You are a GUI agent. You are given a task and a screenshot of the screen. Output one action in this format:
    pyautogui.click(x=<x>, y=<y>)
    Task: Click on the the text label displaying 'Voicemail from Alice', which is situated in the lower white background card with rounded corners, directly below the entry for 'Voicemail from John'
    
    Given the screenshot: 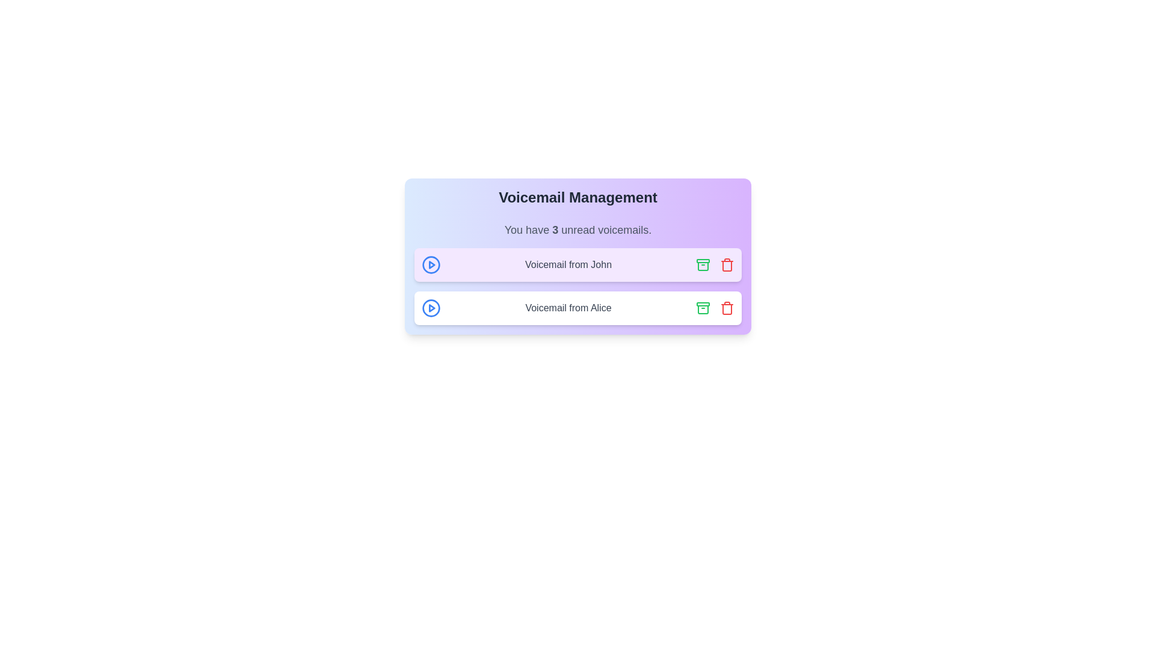 What is the action you would take?
    pyautogui.click(x=568, y=308)
    